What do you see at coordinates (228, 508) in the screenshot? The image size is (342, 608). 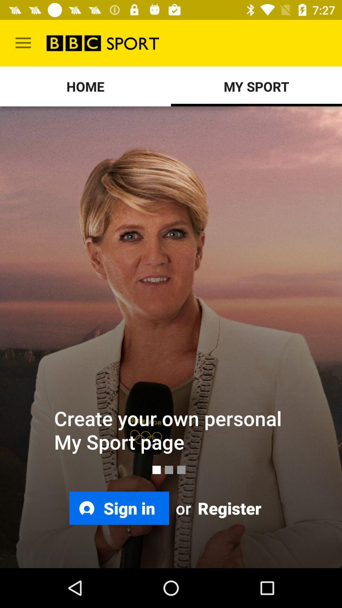 I see `the register item` at bounding box center [228, 508].